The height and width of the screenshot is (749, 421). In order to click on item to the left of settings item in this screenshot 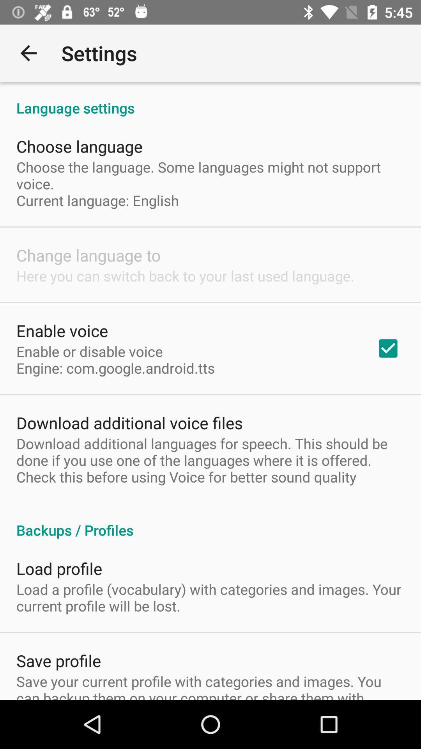, I will do `click(28, 53)`.